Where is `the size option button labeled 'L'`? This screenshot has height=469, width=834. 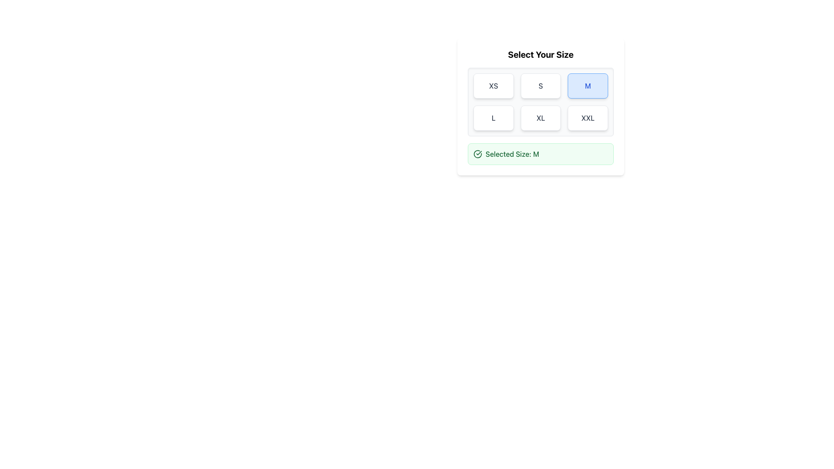 the size option button labeled 'L' is located at coordinates (493, 118).